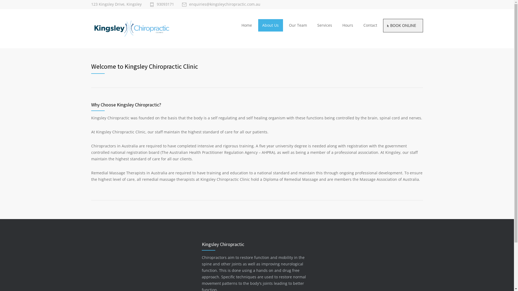 The height and width of the screenshot is (291, 518). What do you see at coordinates (246, 25) in the screenshot?
I see `'Home'` at bounding box center [246, 25].